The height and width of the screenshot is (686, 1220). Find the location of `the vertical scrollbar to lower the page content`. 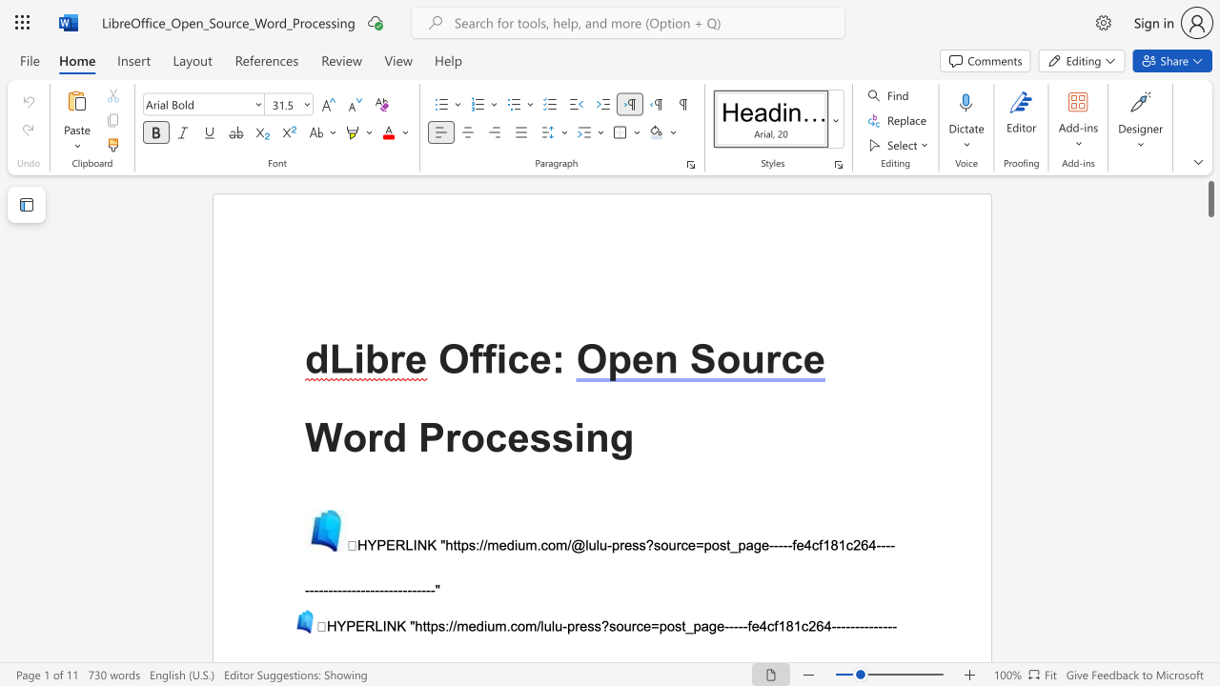

the vertical scrollbar to lower the page content is located at coordinates (1210, 600).